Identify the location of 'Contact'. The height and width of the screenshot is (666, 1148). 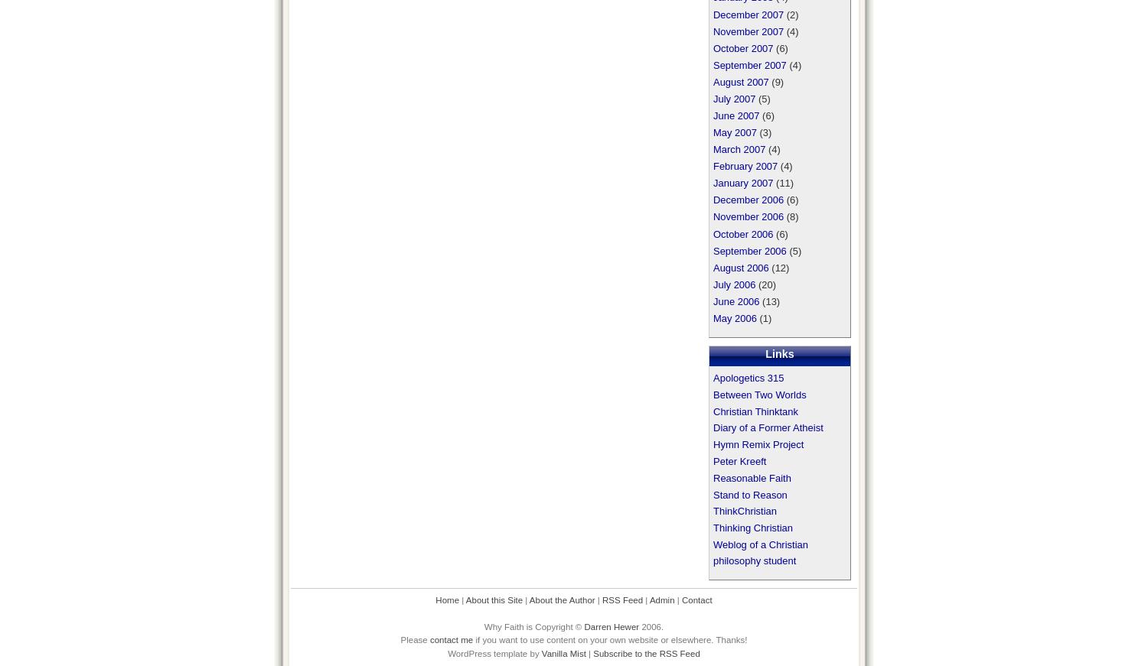
(696, 600).